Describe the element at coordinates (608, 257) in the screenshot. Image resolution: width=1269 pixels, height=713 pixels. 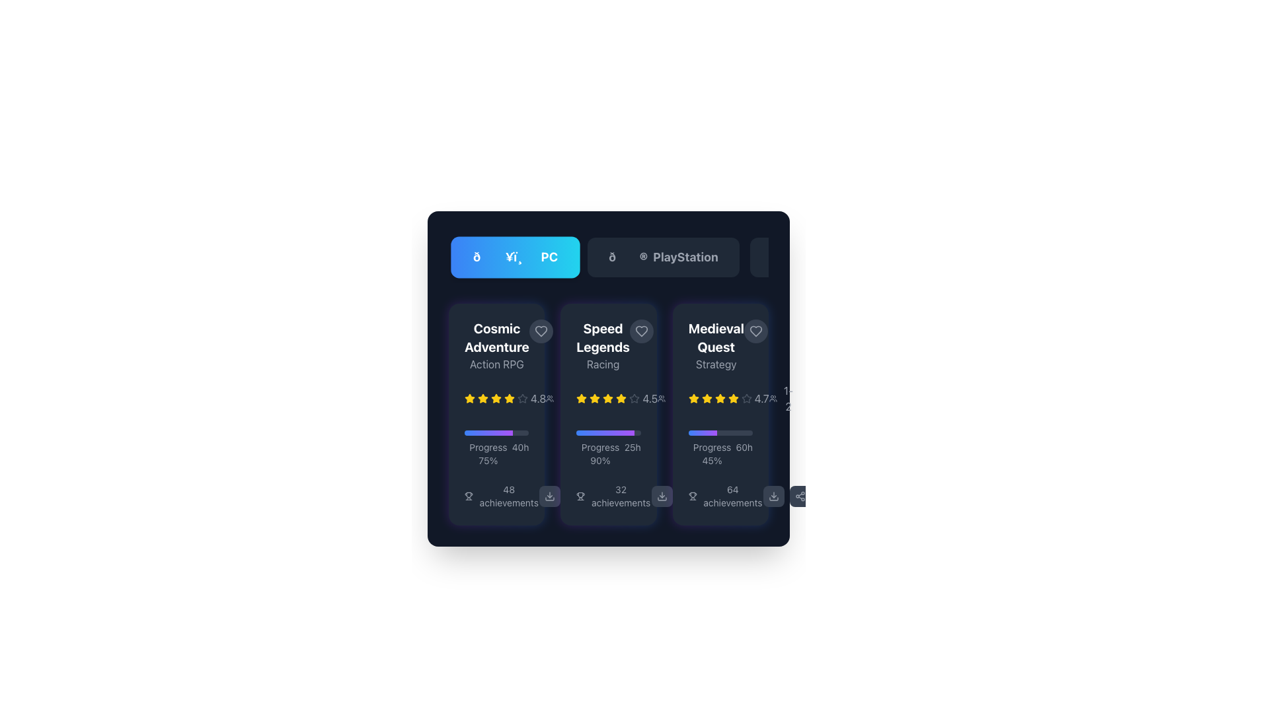
I see `the button in the Horizontal Scrolling Menu` at that location.